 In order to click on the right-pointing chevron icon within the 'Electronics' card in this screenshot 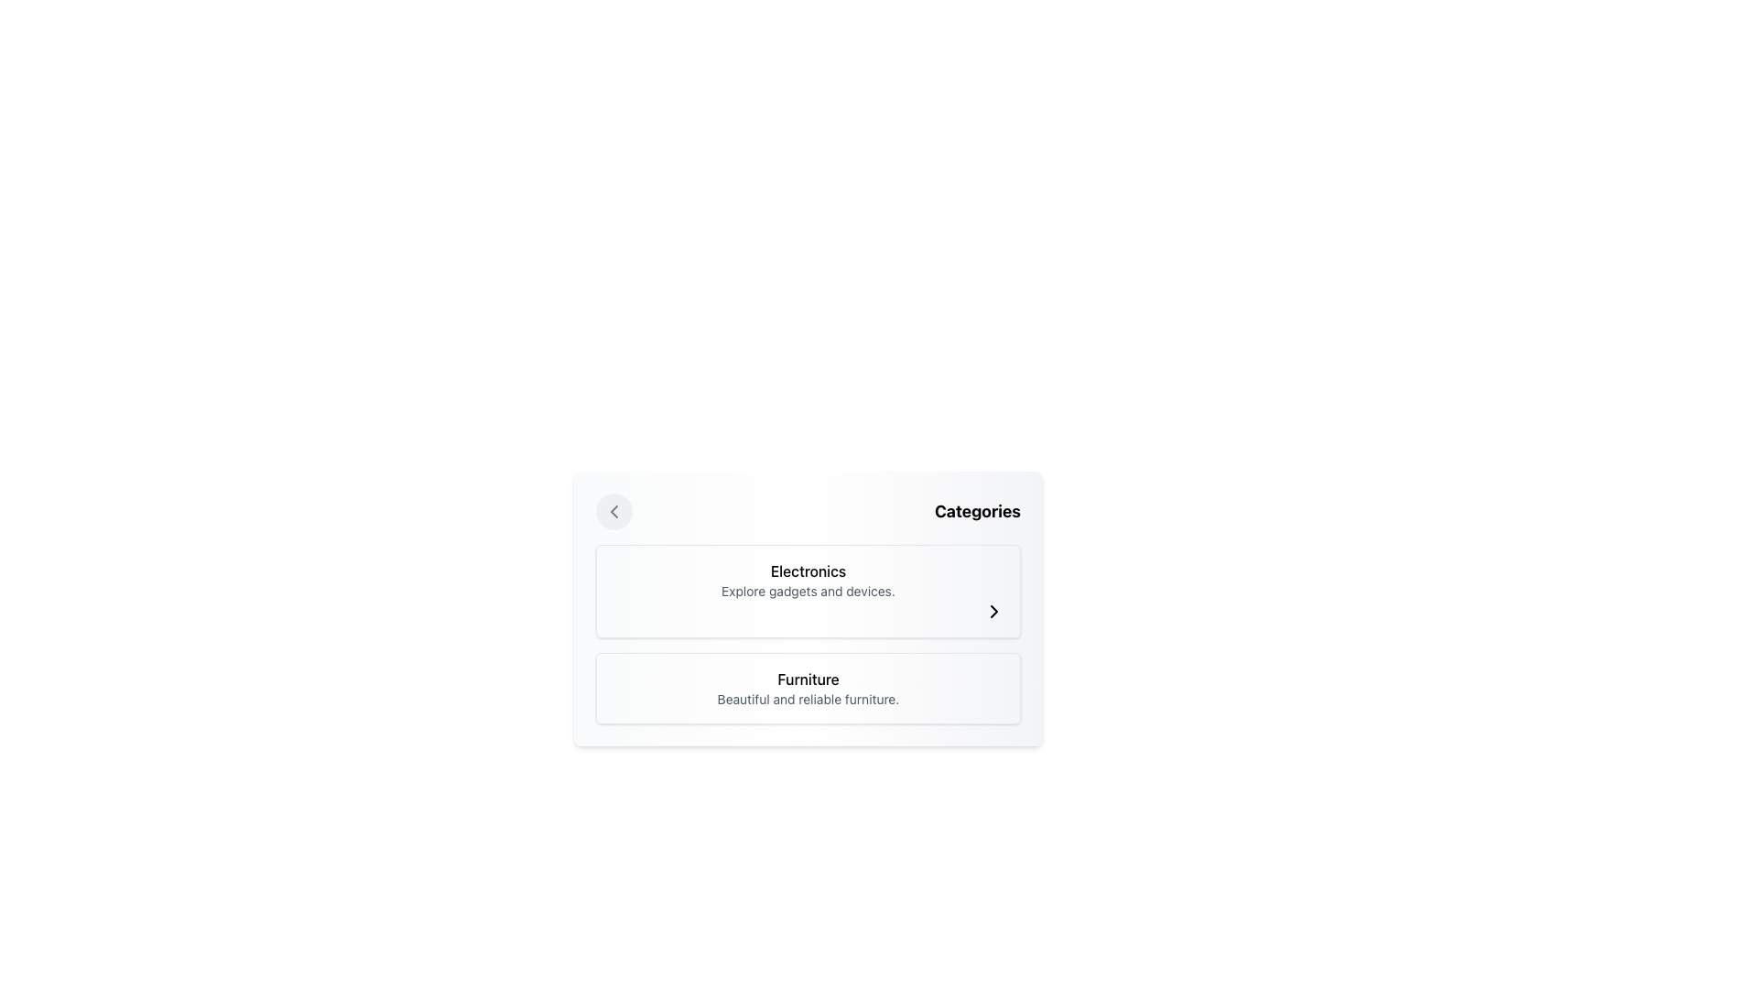, I will do `click(993, 611)`.